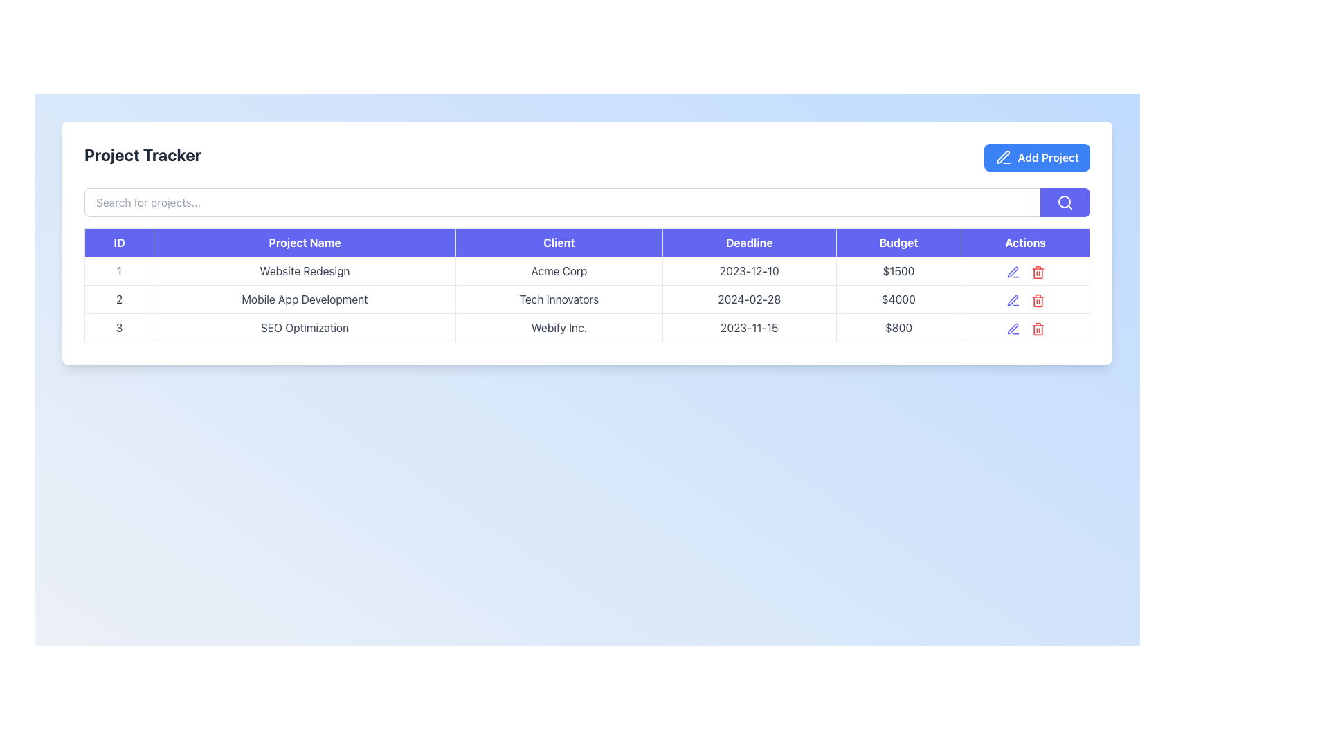 Image resolution: width=1329 pixels, height=747 pixels. What do you see at coordinates (748, 242) in the screenshot?
I see `the Table Header labeled 'Deadline', which has a purple background and white text, located between the 'Client' and 'Budget' columns` at bounding box center [748, 242].